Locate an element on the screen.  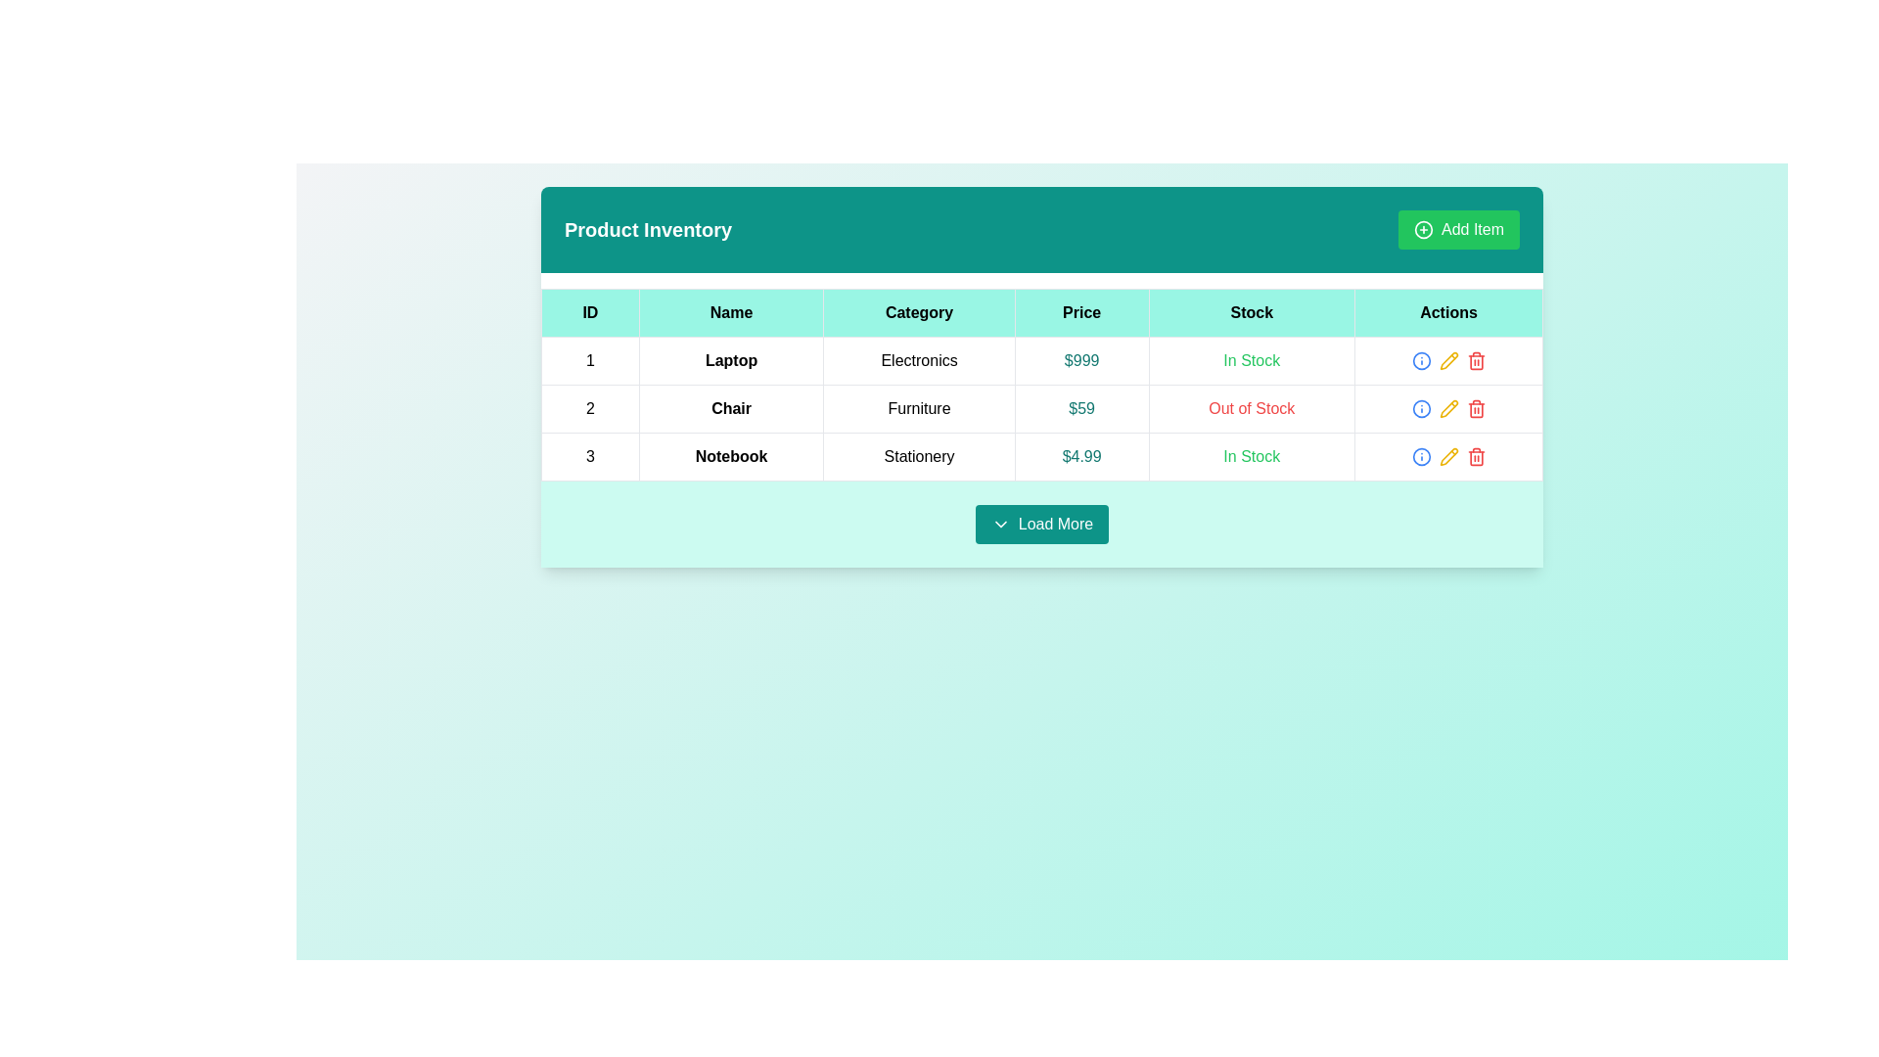
the 'ID' cell in the first column of the third row of the table is located at coordinates (589, 456).